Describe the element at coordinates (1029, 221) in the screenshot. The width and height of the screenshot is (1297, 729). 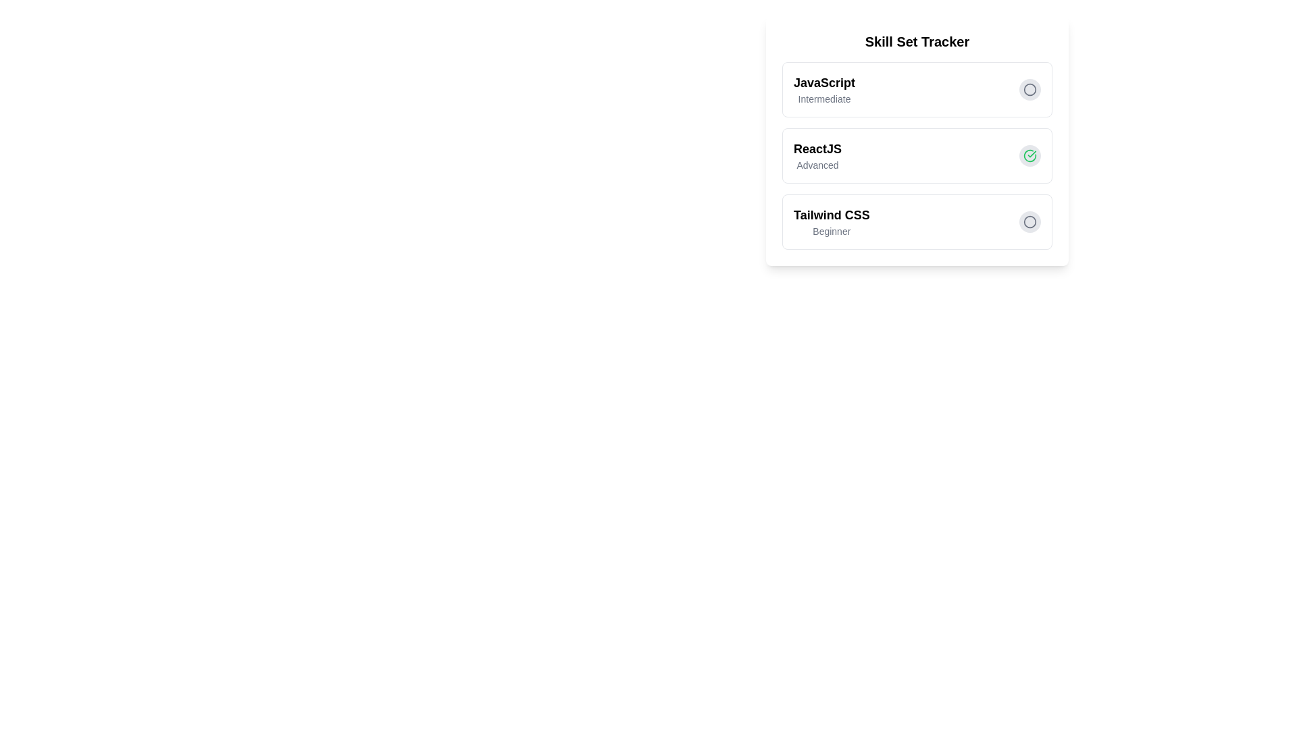
I see `the circular button with a light gray background and a dark gray icon at the far right of the 'Tailwind CSS Beginner' list item` at that location.